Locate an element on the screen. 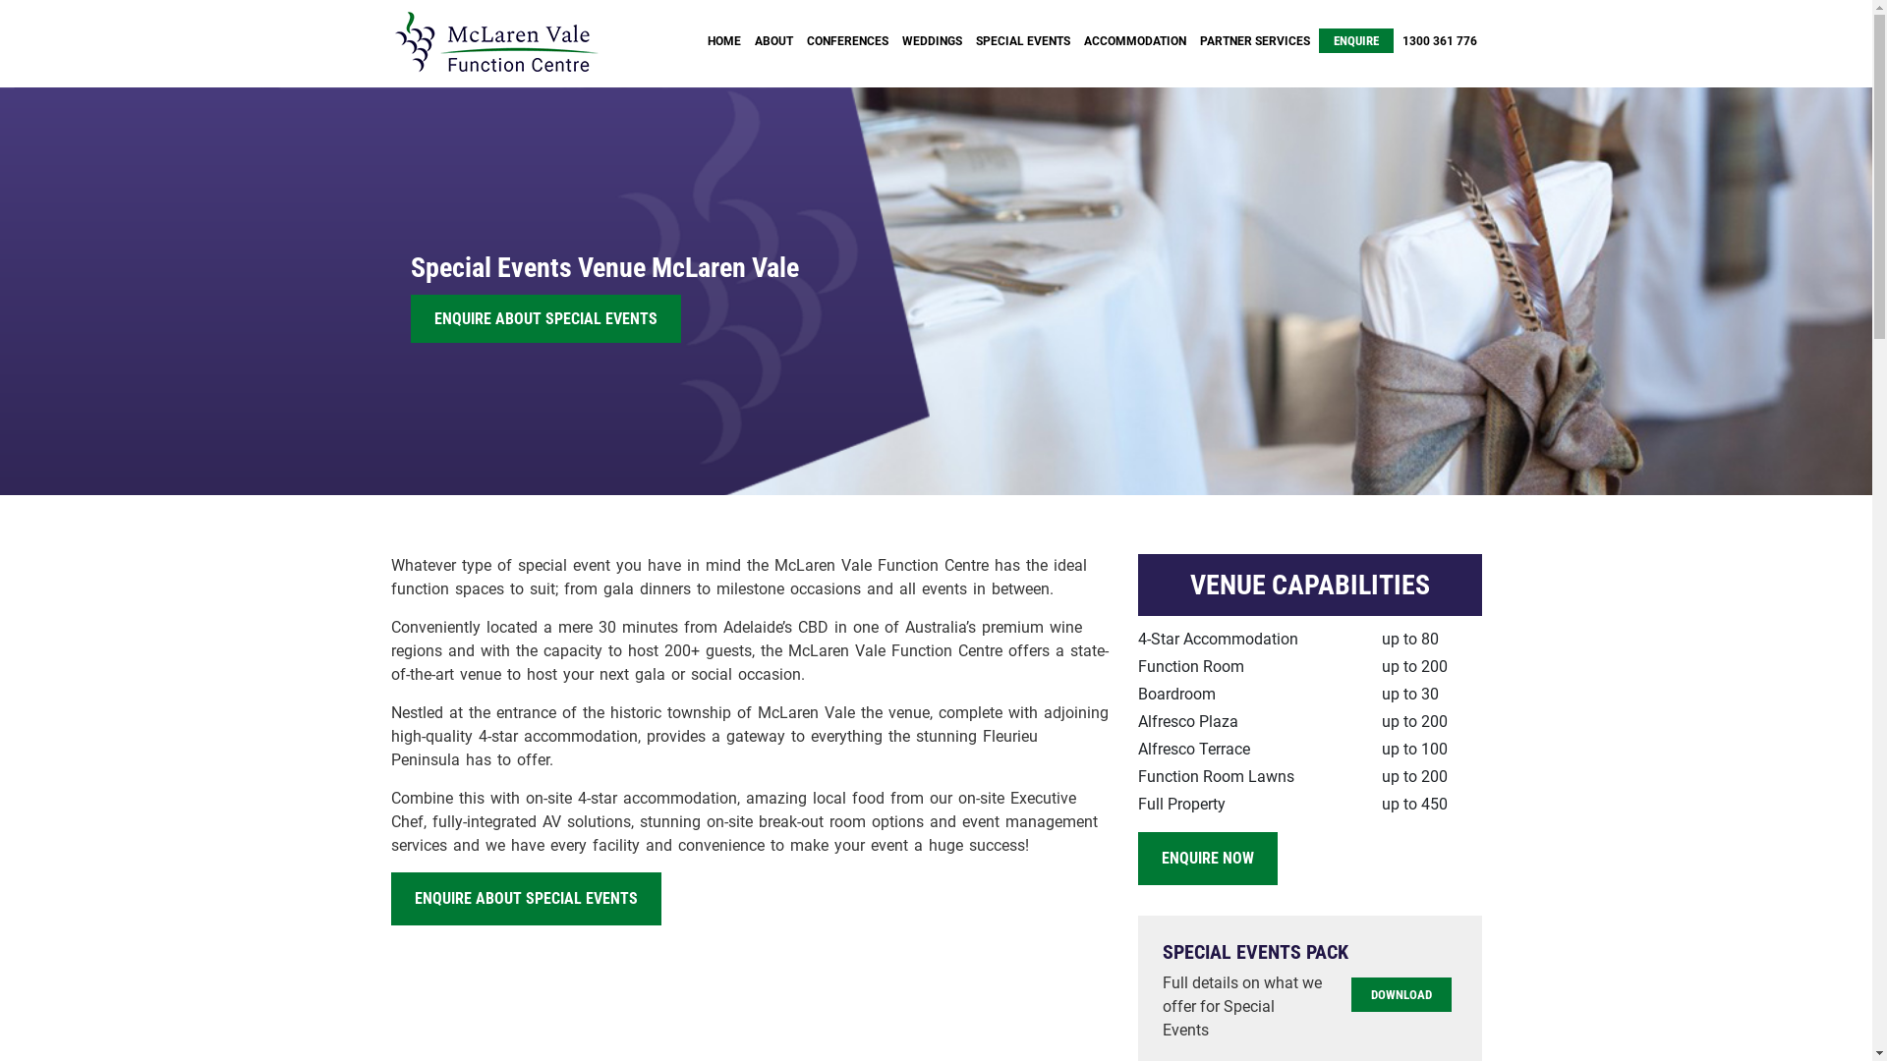 Image resolution: width=1887 pixels, height=1061 pixels. 'ENQUIRE ABOUT SPECIAL EVENTS' is located at coordinates (409, 317).